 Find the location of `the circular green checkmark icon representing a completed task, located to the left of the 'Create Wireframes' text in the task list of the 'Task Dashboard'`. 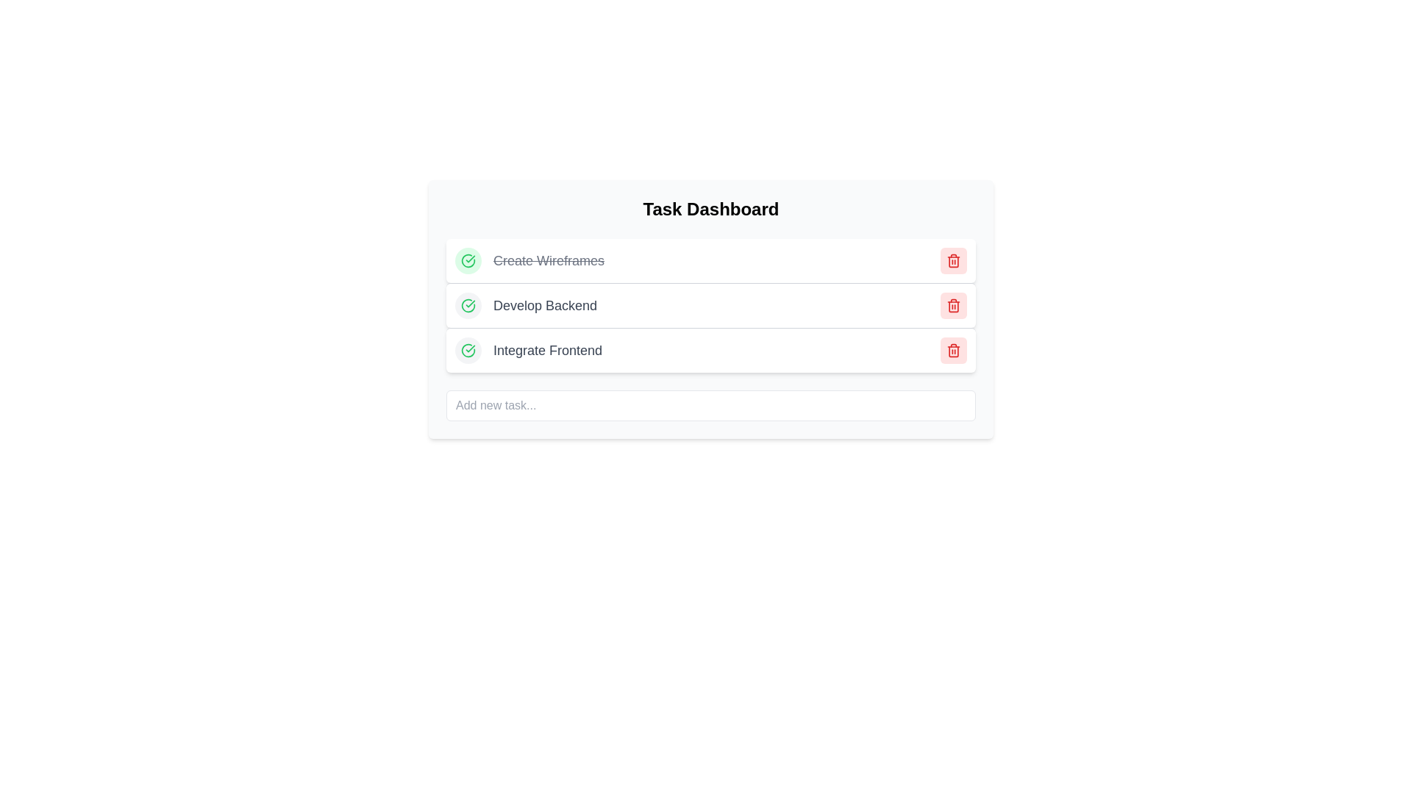

the circular green checkmark icon representing a completed task, located to the left of the 'Create Wireframes' text in the task list of the 'Task Dashboard' is located at coordinates (468, 260).